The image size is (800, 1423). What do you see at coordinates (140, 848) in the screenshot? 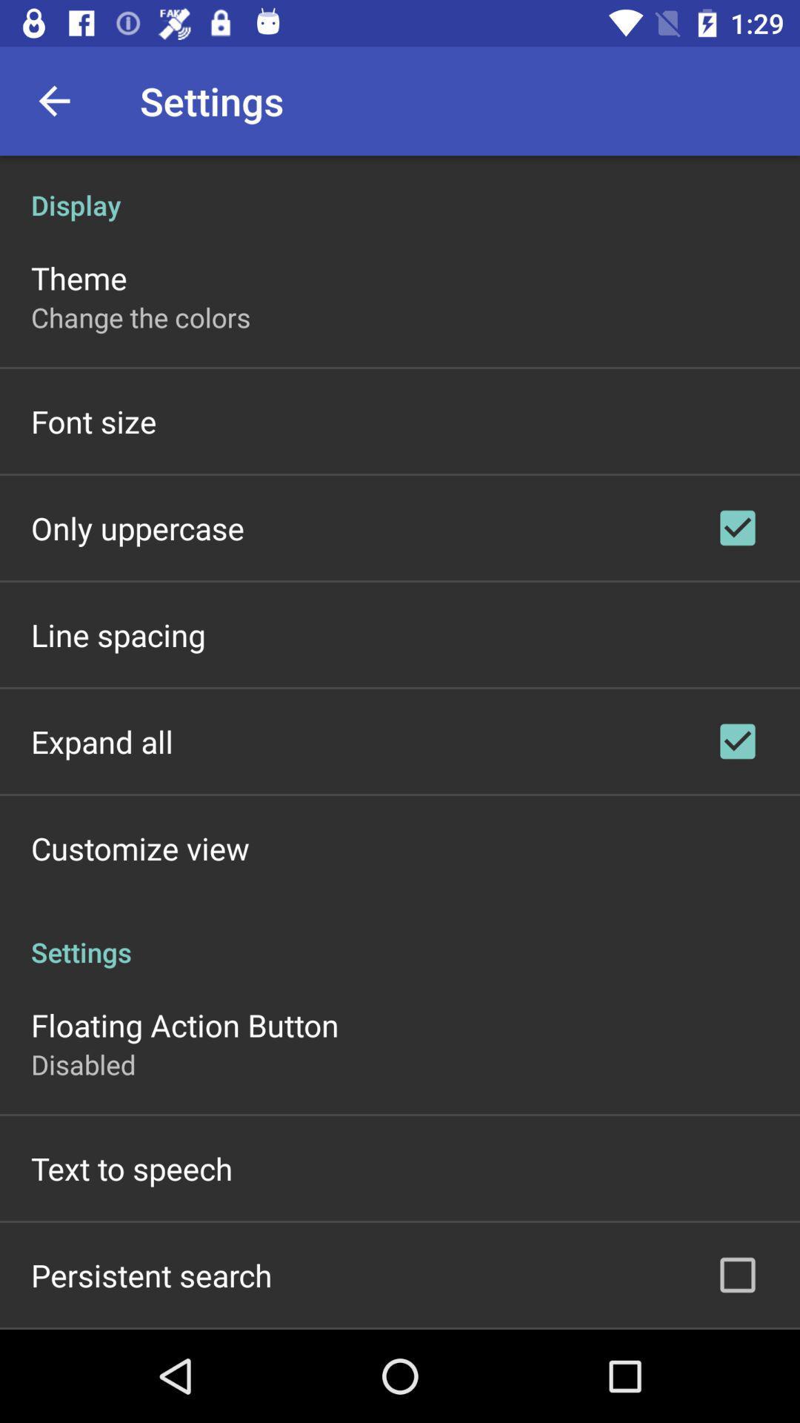
I see `item below the expand all item` at bounding box center [140, 848].